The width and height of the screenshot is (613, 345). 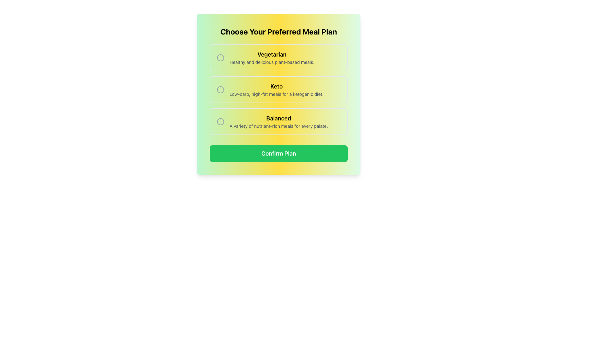 What do you see at coordinates (221, 58) in the screenshot?
I see `the first radio button in the vertical list, which is circular and outlined, located to the left of the 'Vegetarian' option` at bounding box center [221, 58].